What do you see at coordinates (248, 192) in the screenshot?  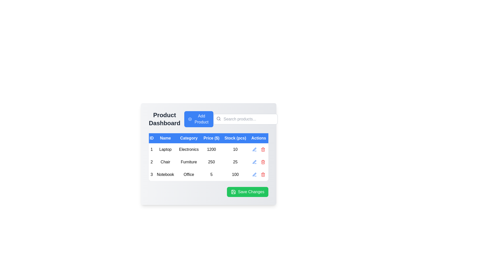 I see `the rectangular 'Save Changes' button with a green background and white text` at bounding box center [248, 192].